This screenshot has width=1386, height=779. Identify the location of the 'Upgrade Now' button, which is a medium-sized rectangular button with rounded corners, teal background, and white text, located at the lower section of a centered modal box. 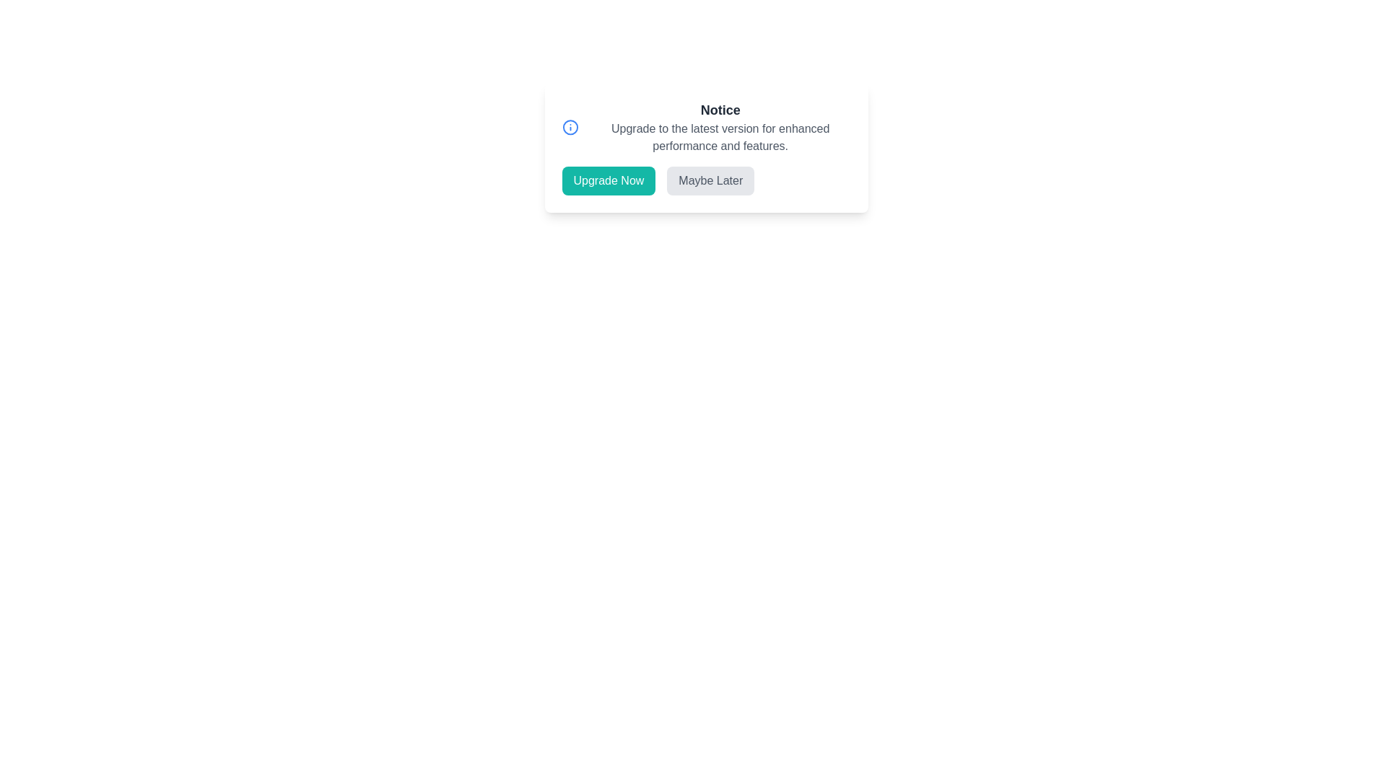
(609, 180).